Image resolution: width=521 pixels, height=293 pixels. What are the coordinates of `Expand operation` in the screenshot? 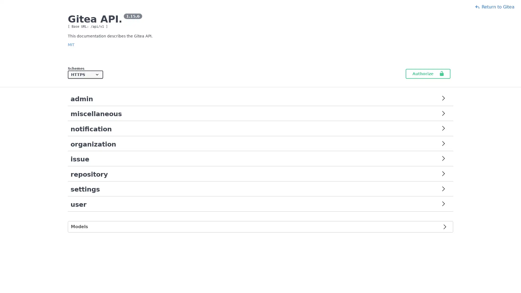 It's located at (443, 144).